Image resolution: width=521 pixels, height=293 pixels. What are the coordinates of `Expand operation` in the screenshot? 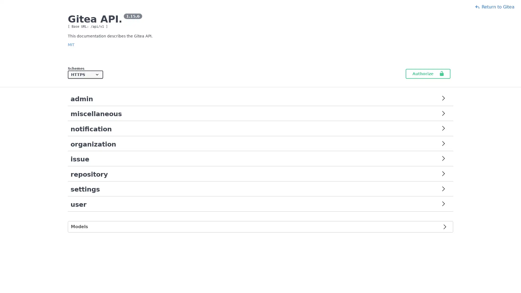 It's located at (443, 144).